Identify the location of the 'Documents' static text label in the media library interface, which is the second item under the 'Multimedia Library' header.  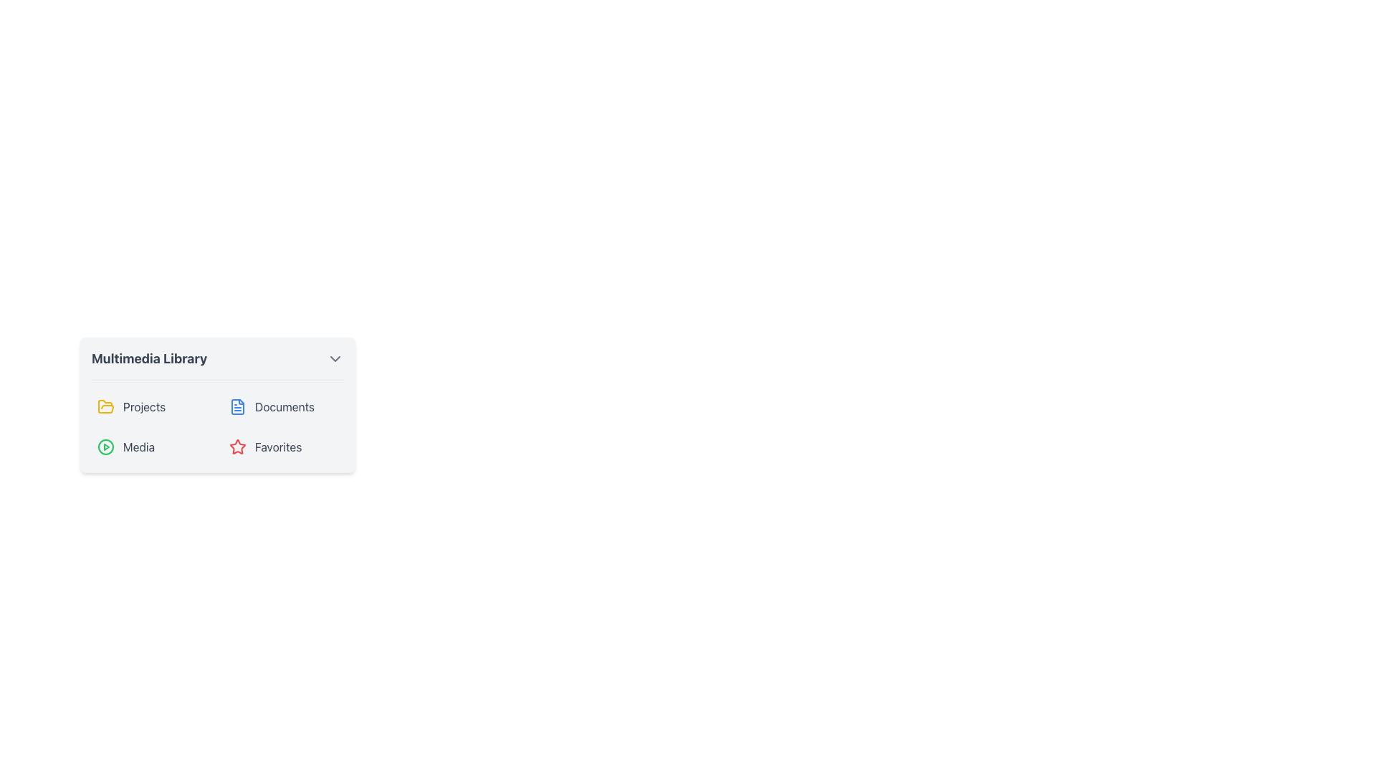
(285, 406).